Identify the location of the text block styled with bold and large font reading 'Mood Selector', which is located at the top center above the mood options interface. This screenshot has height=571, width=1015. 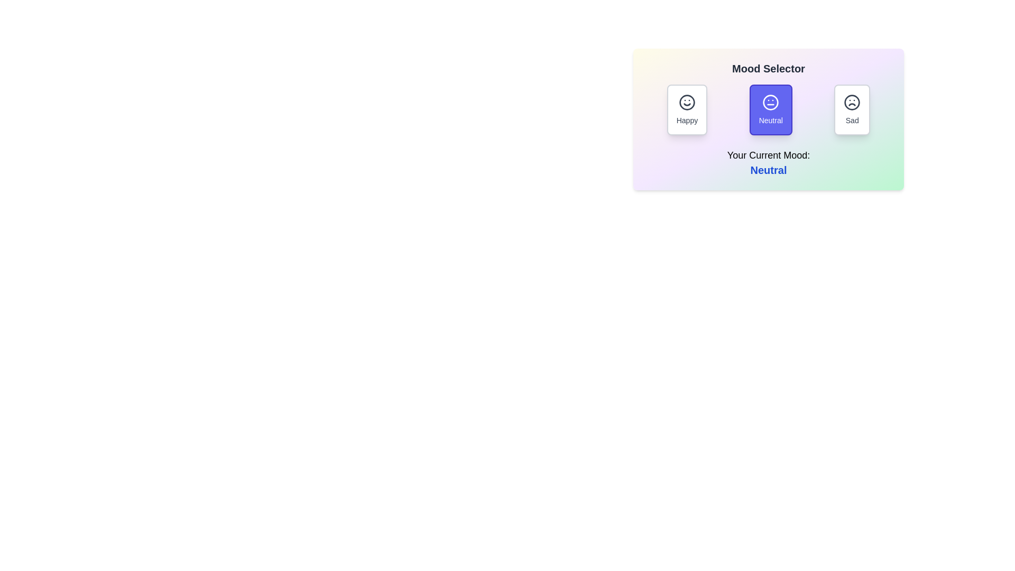
(769, 69).